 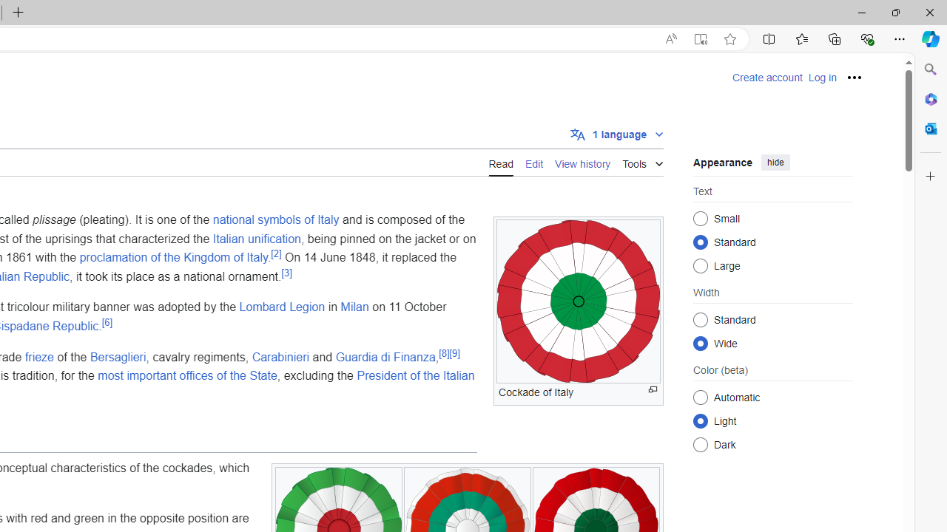 What do you see at coordinates (767, 78) in the screenshot?
I see `'Create account'` at bounding box center [767, 78].